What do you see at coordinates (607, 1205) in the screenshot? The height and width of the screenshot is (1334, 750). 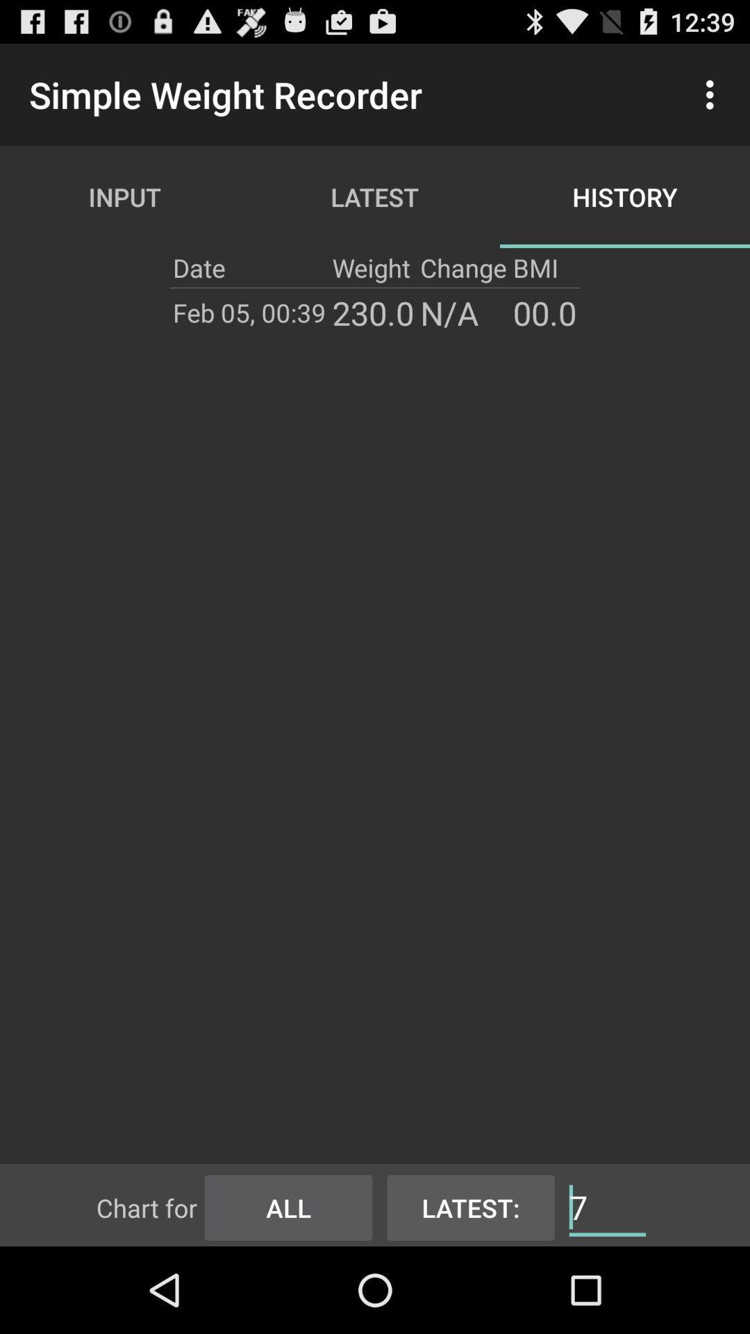 I see `the field which says 7` at bounding box center [607, 1205].